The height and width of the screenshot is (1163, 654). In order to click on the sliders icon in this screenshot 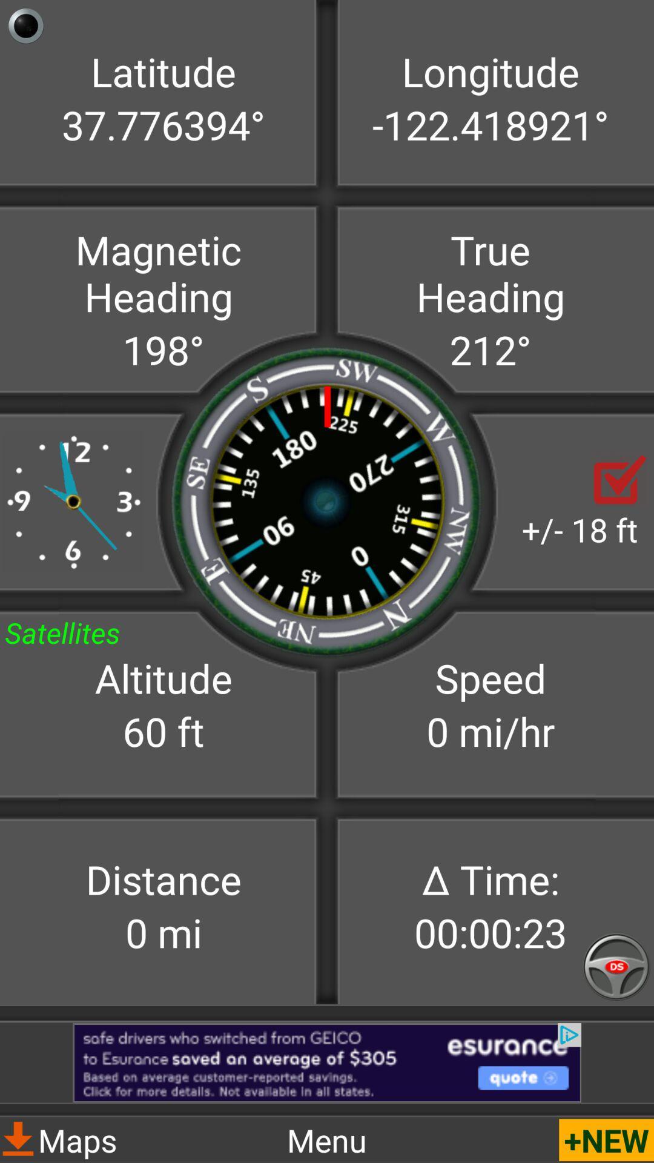, I will do `click(28, 502)`.